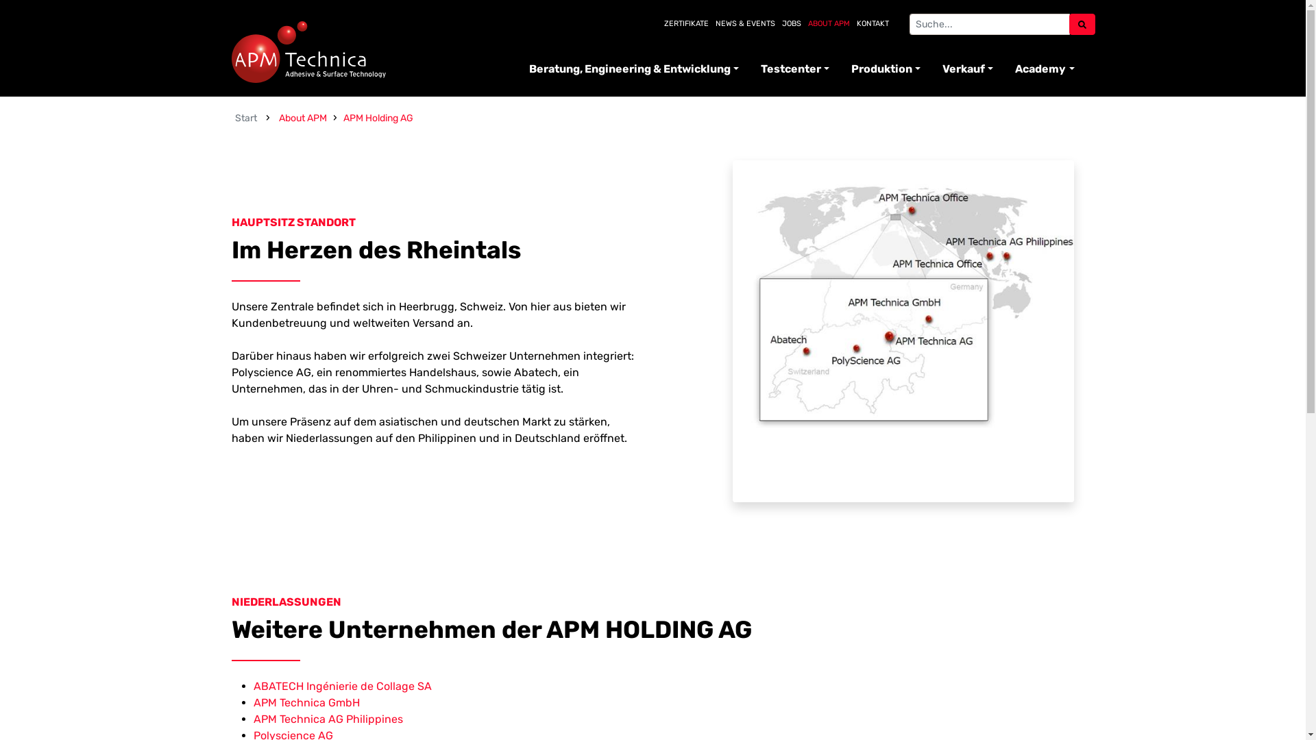 This screenshot has height=740, width=1316. I want to click on 'Verkauf', so click(966, 69).